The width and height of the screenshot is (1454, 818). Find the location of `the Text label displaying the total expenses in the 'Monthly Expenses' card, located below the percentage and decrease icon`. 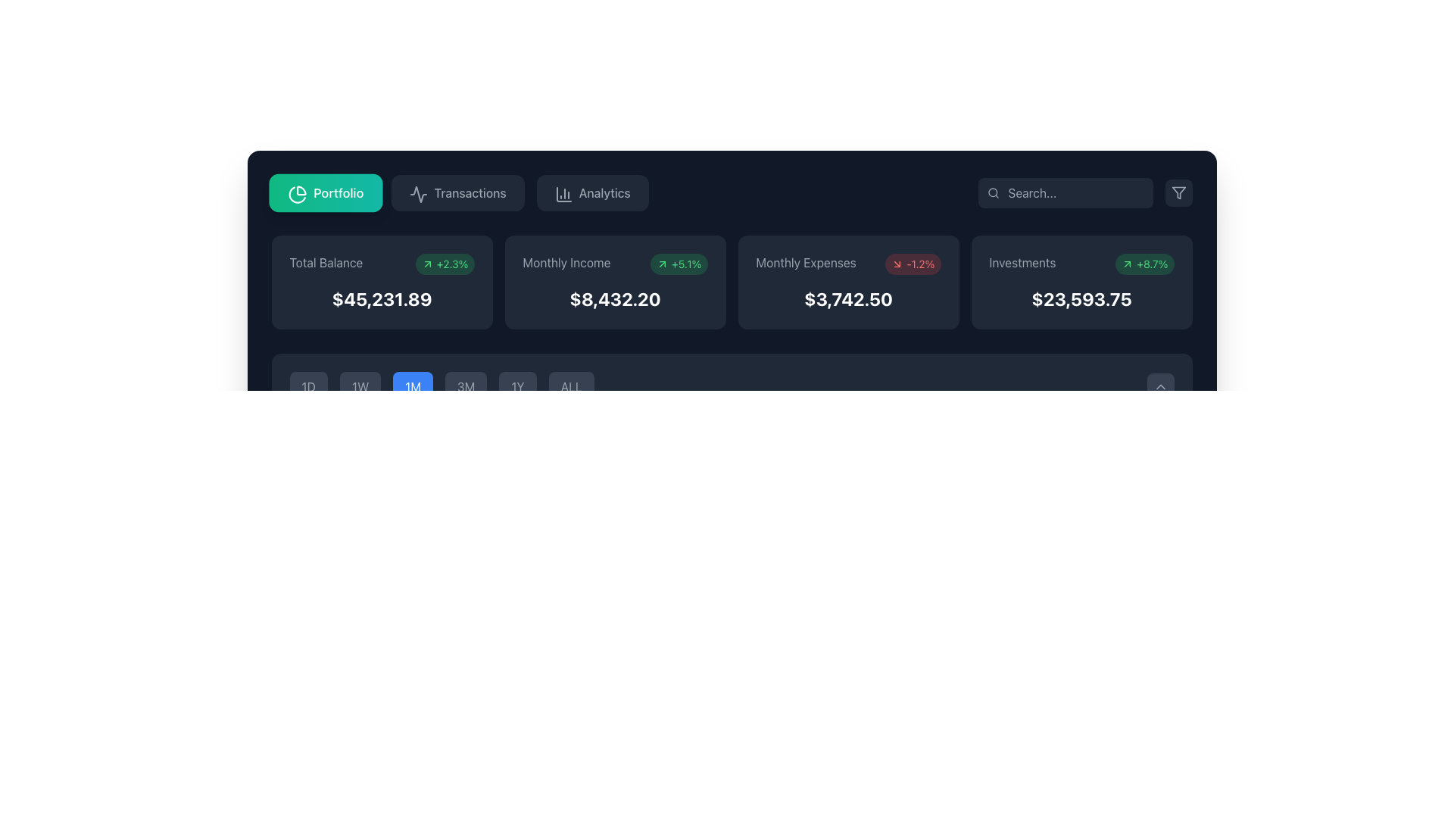

the Text label displaying the total expenses in the 'Monthly Expenses' card, located below the percentage and decrease icon is located at coordinates (848, 298).